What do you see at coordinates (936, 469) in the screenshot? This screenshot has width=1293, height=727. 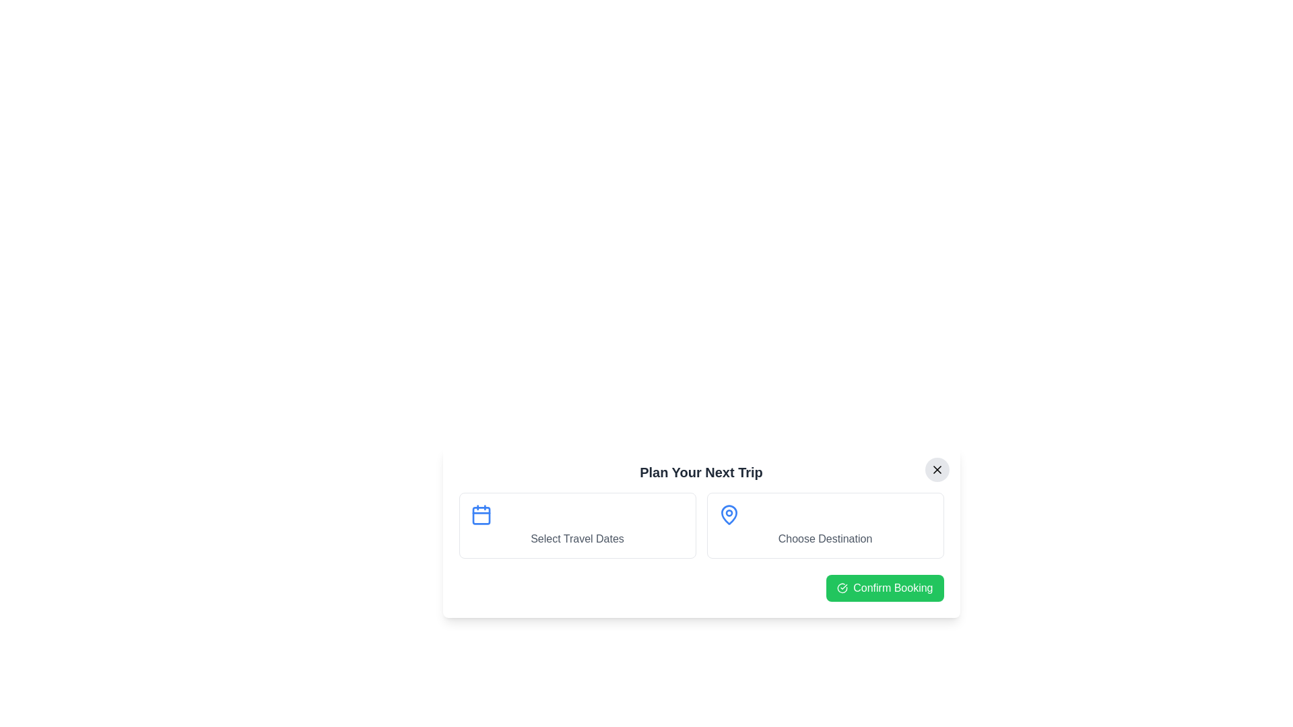 I see `the interactive element: Close Button` at bounding box center [936, 469].